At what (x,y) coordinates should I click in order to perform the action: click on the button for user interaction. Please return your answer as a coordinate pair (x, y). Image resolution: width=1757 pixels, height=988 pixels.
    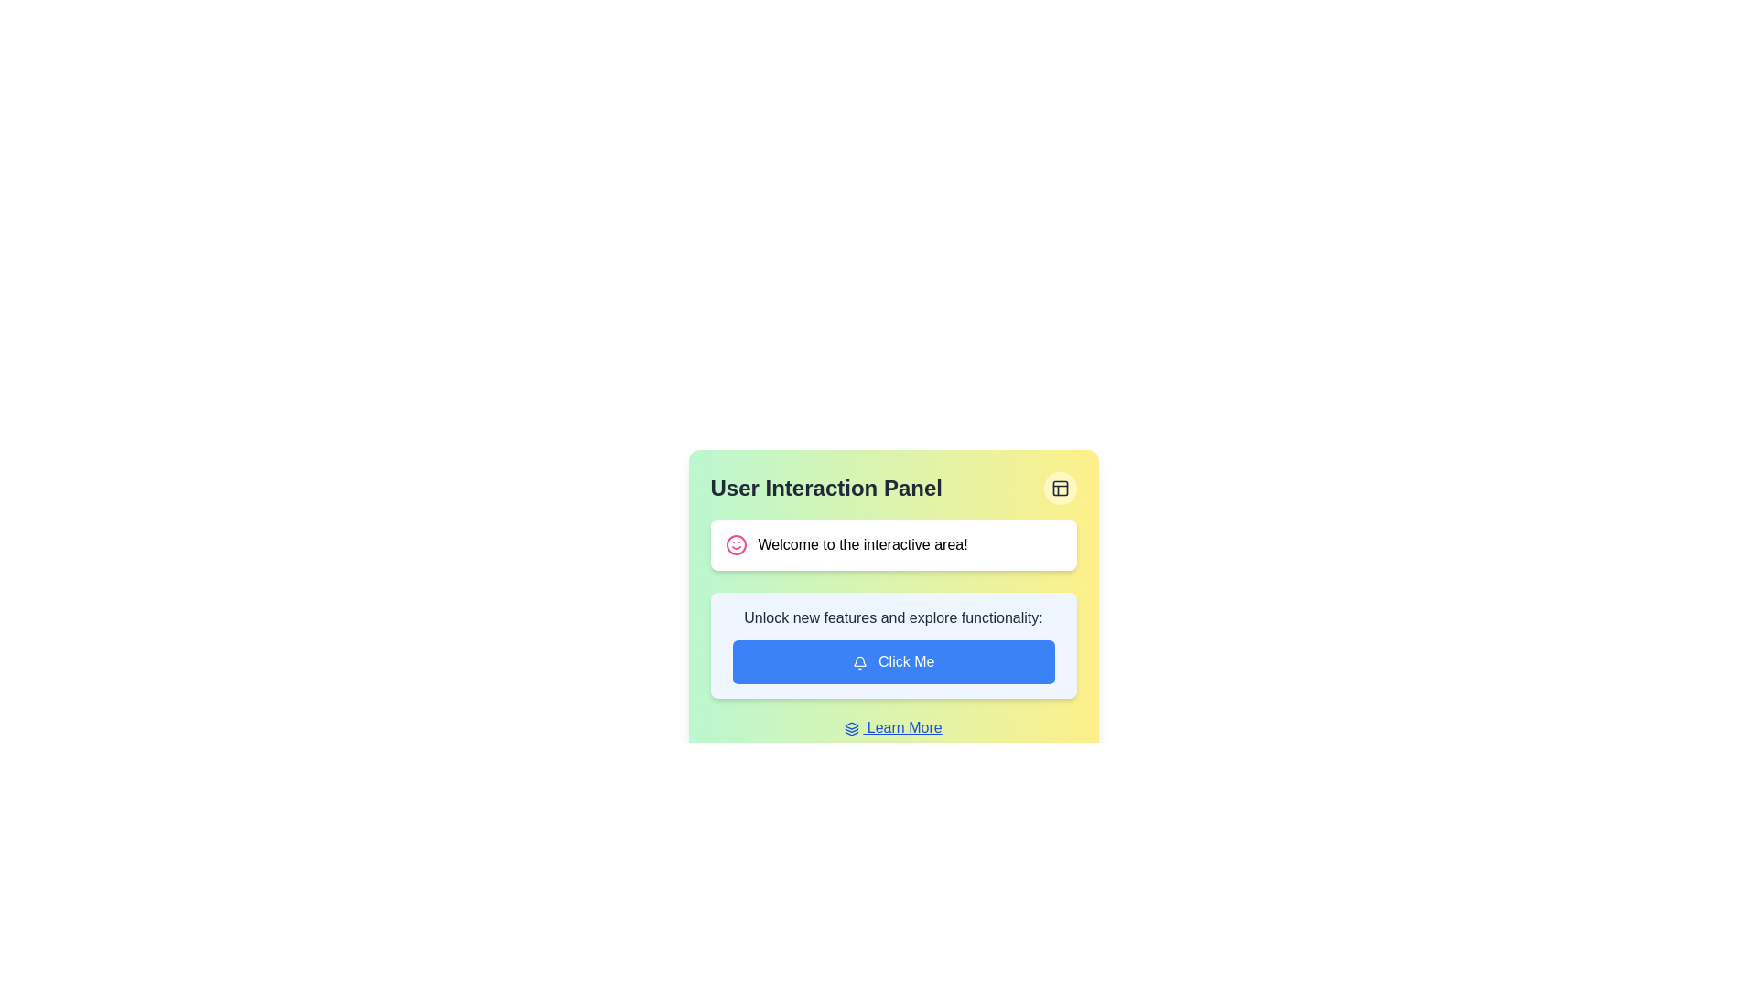
    Looking at the image, I should click on (893, 662).